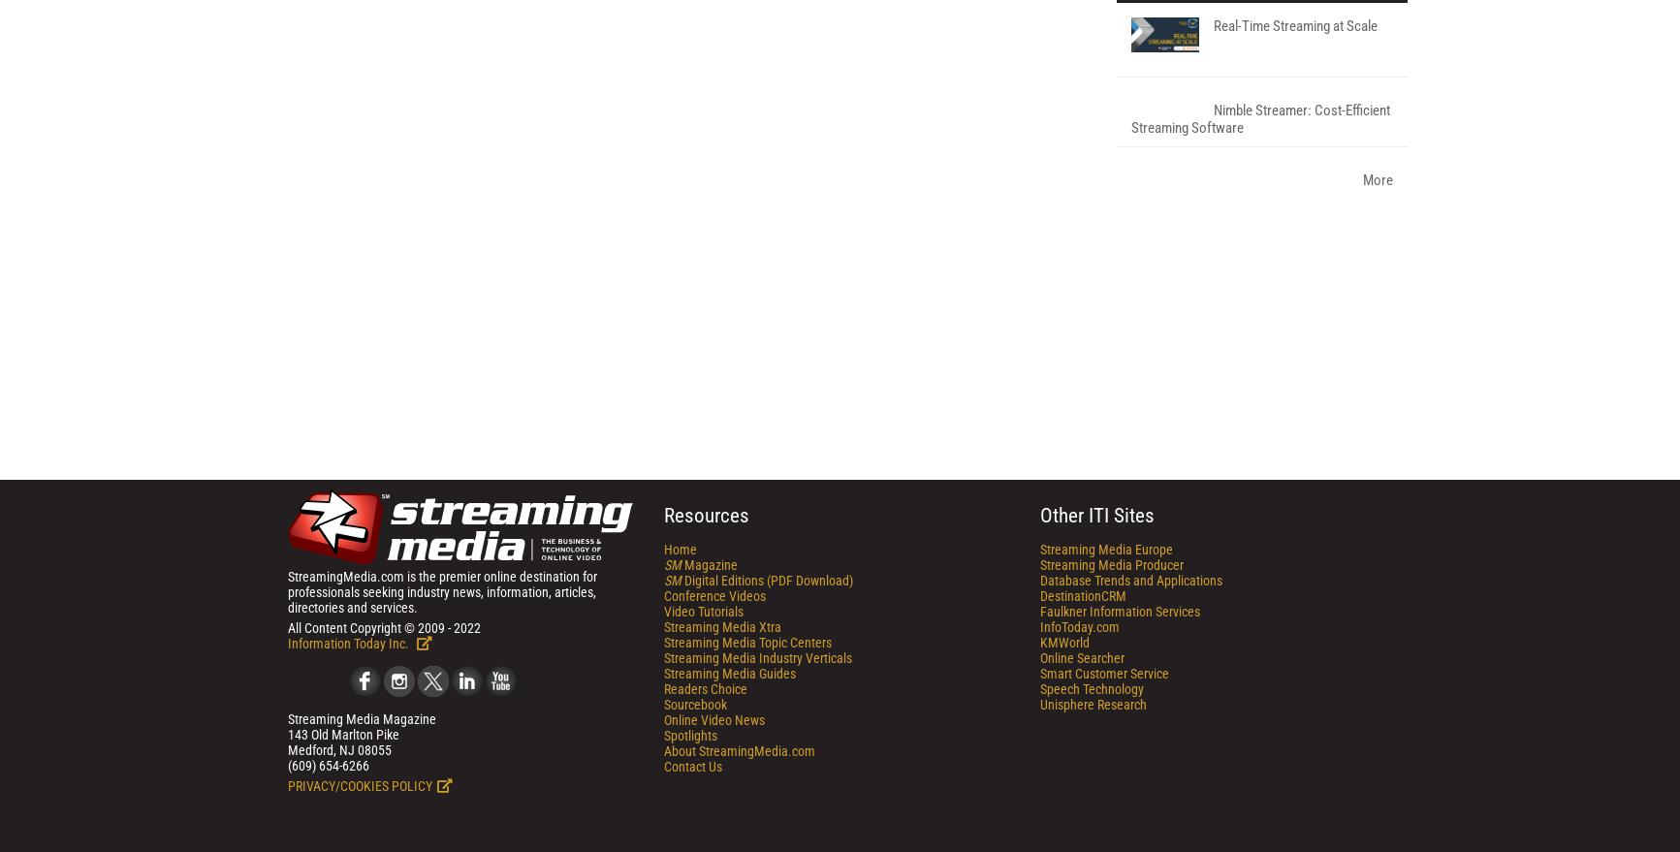 The image size is (1680, 852). I want to click on 'Streaming Media Europe', so click(1104, 802).